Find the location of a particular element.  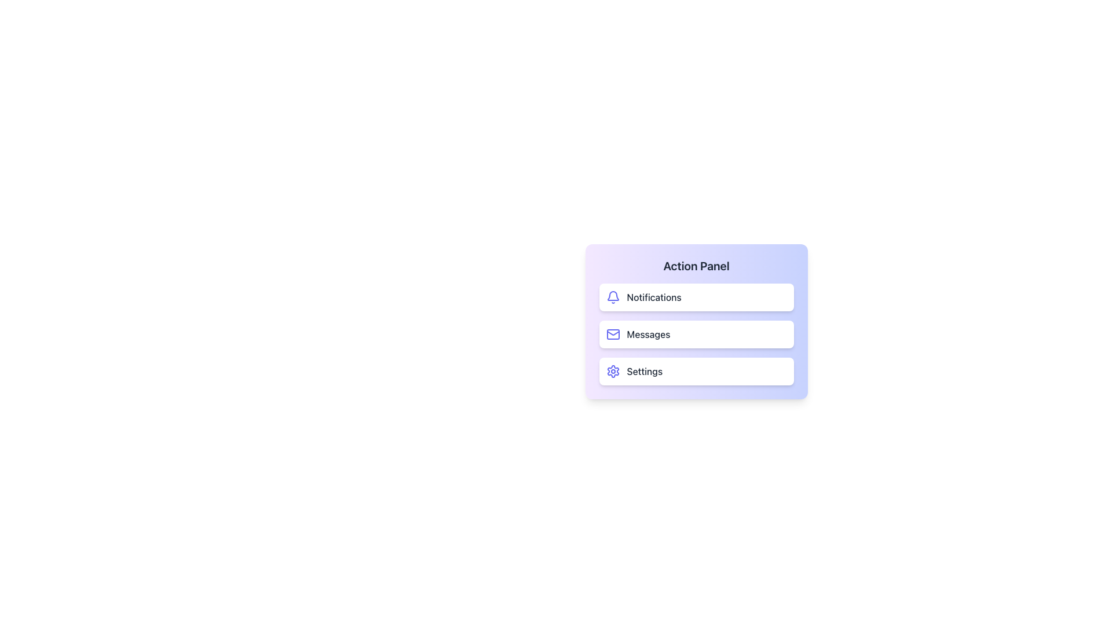

the 'Notifications' text label, which is the first entry in the vertically aligned list under 'Action Panel', located to the right of the bell icon is located at coordinates (654, 296).